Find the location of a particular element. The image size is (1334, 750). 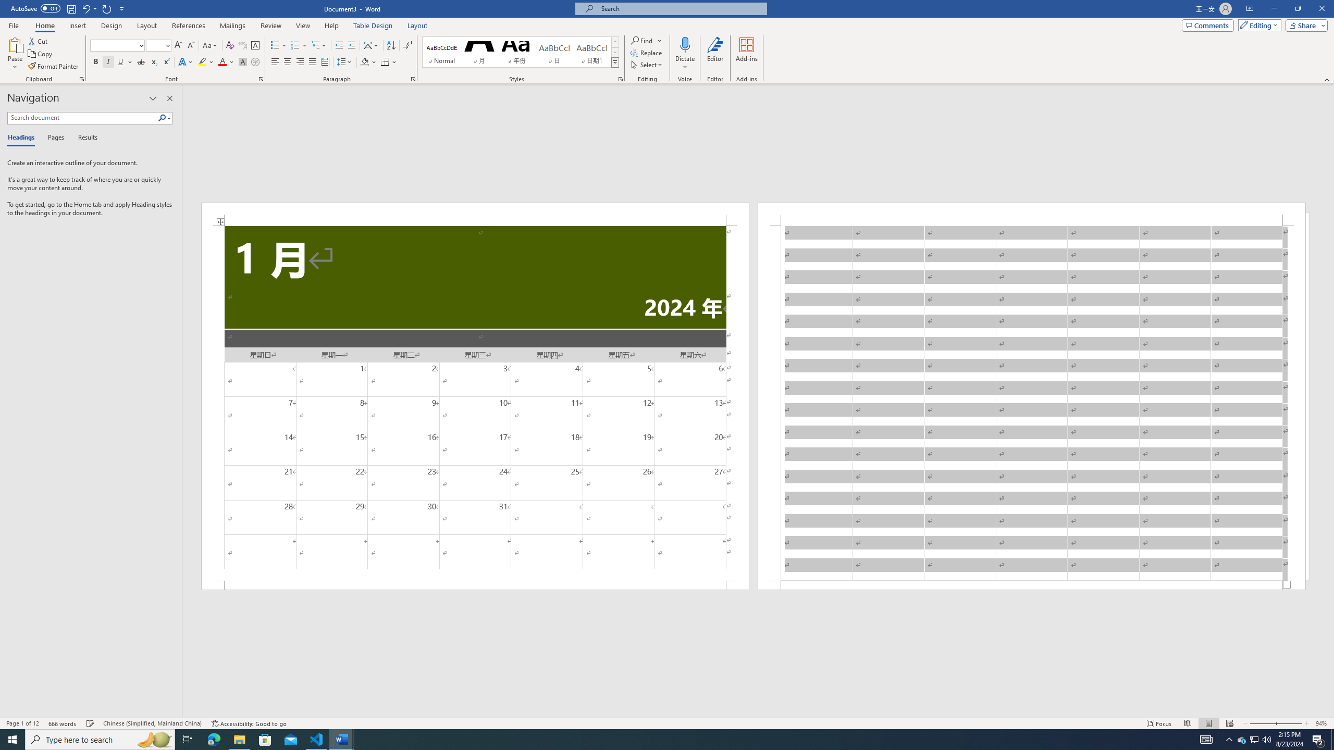

'Spelling and Grammar Check Checking' is located at coordinates (91, 723).